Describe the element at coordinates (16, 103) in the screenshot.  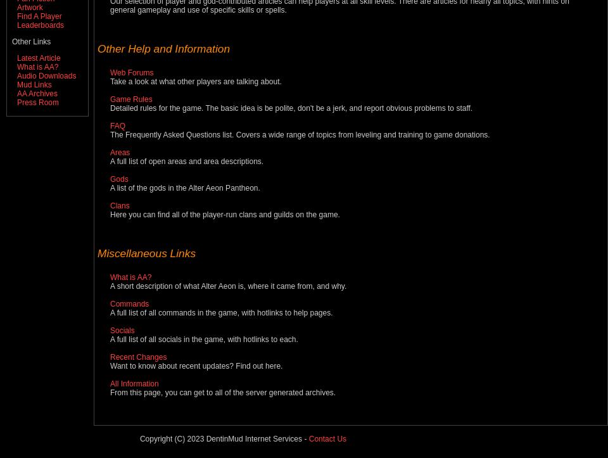
I see `'Press Room'` at that location.